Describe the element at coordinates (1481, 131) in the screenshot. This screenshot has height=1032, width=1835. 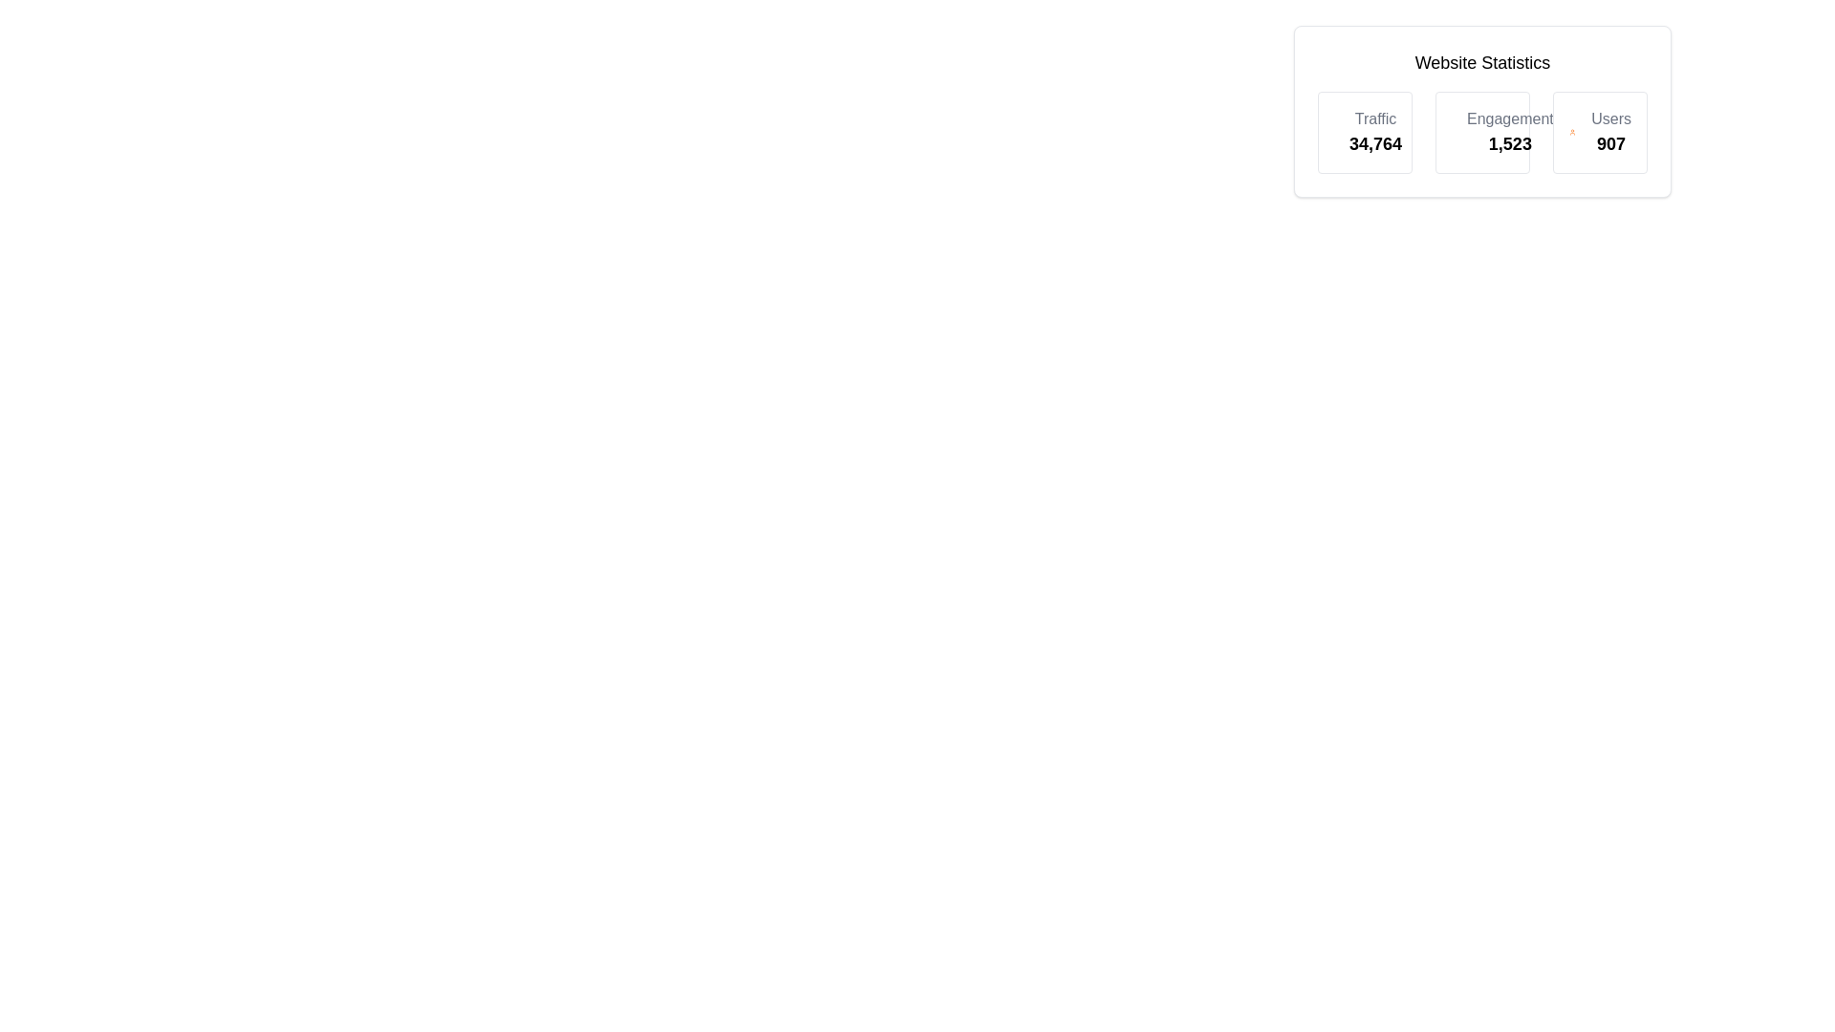
I see `the 'Engagement' text display block in the second column of the 'Website Statistics' grid layout, which shows the value '1,523'` at that location.